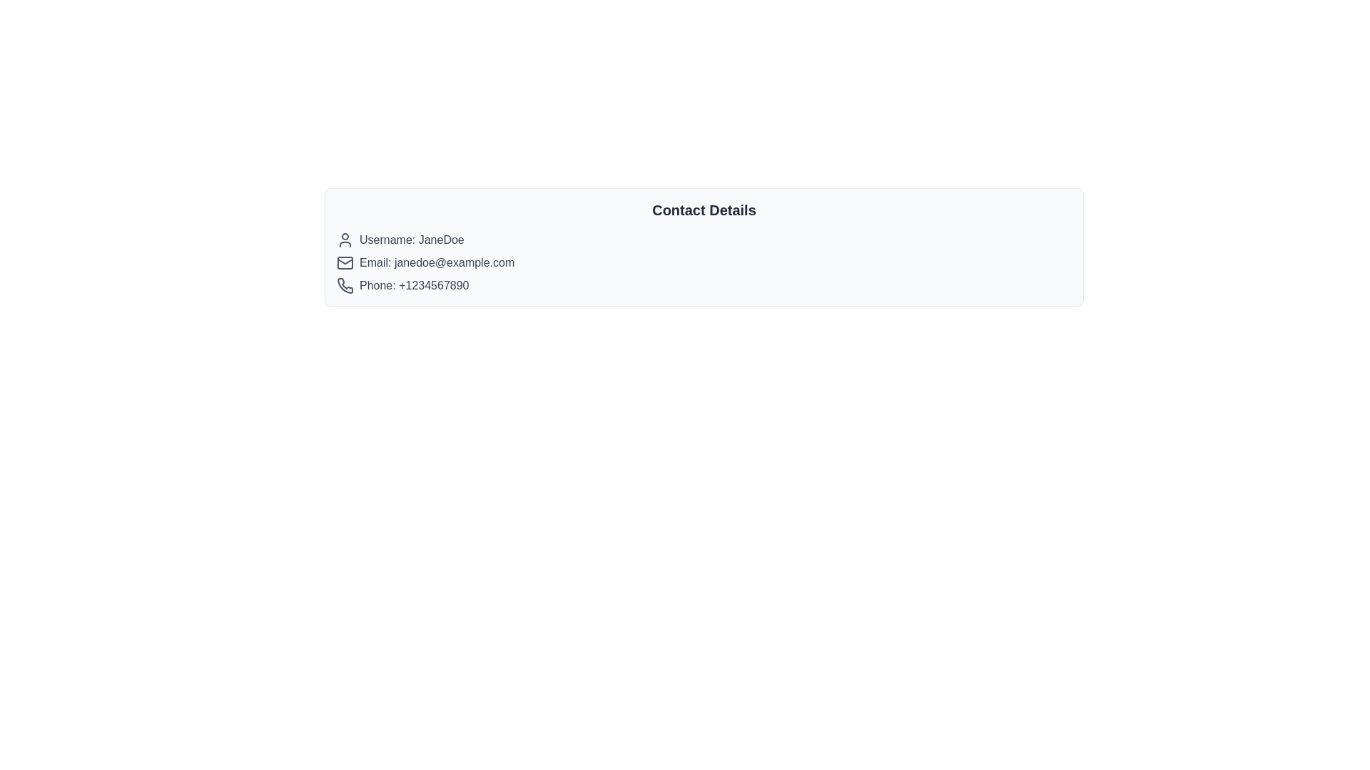 The image size is (1370, 770). Describe the element at coordinates (345, 239) in the screenshot. I see `the user silhouette SVG icon, which is styled in muted gray and is positioned to the left of the text 'Username: JaneDoe'` at that location.